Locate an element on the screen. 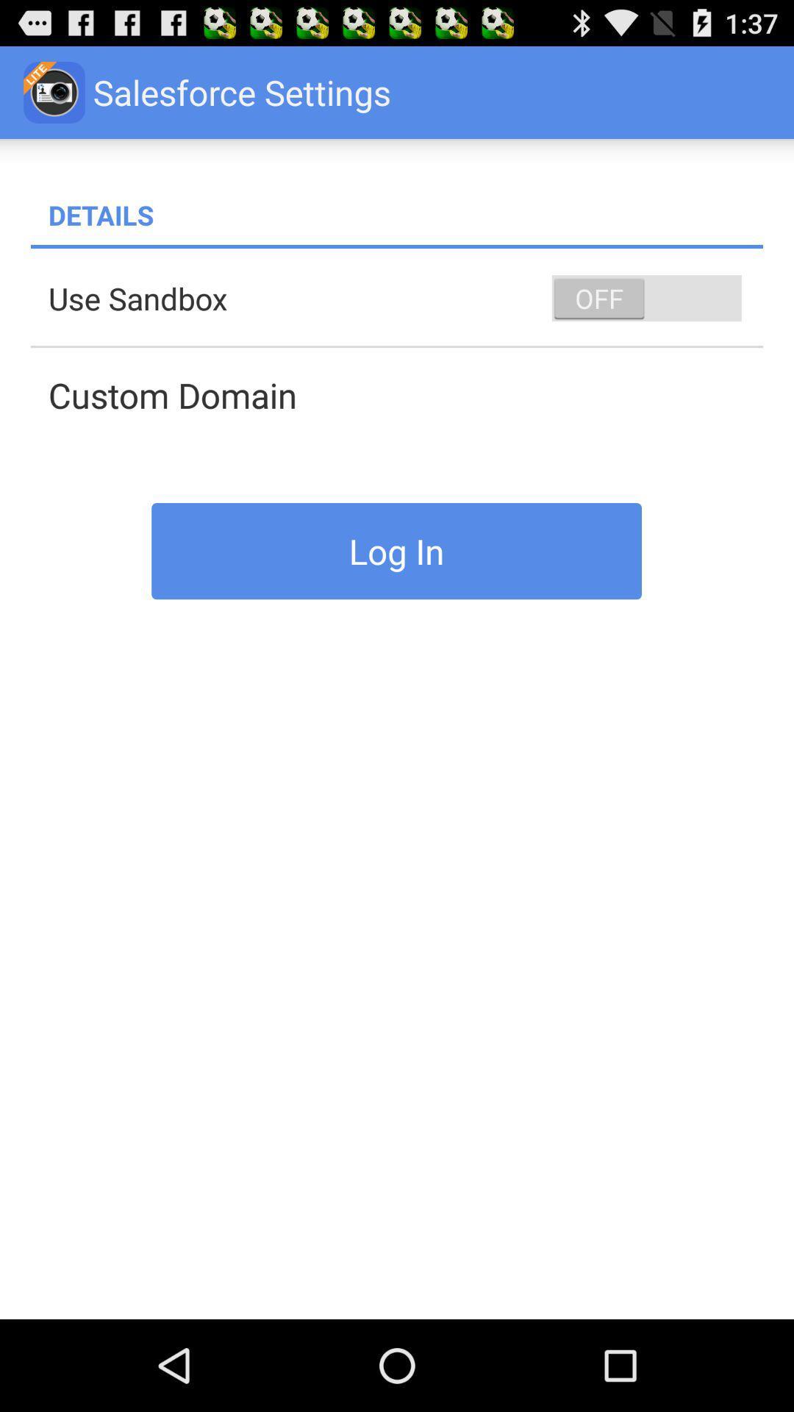 The height and width of the screenshot is (1412, 794). the button above the log in is located at coordinates (405, 395).